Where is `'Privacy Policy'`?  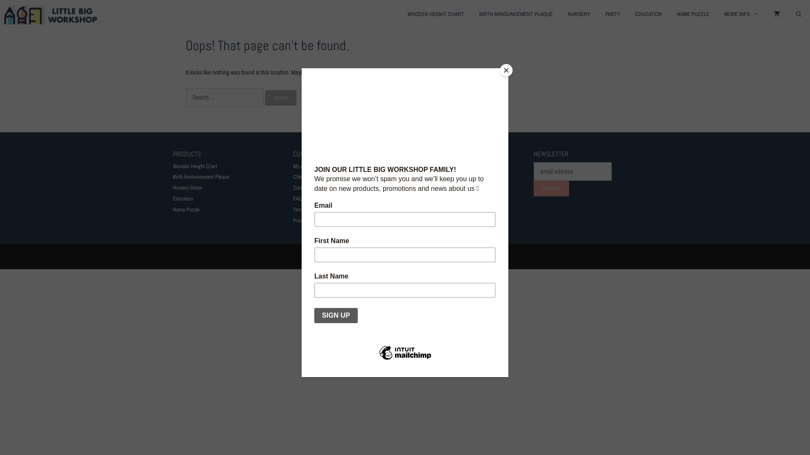
'Privacy Policy' is located at coordinates (293, 220).